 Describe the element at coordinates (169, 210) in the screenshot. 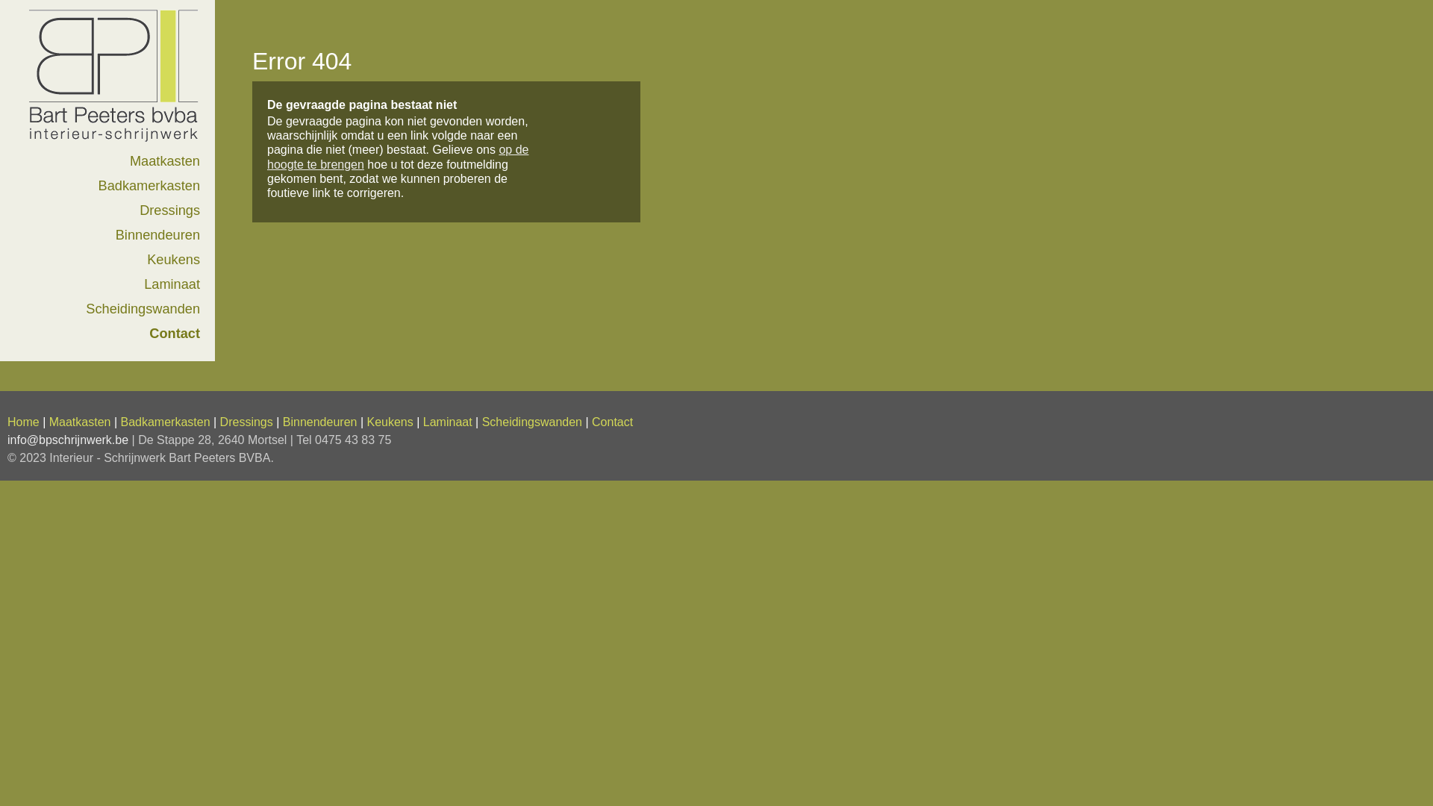

I see `'Dressings'` at that location.